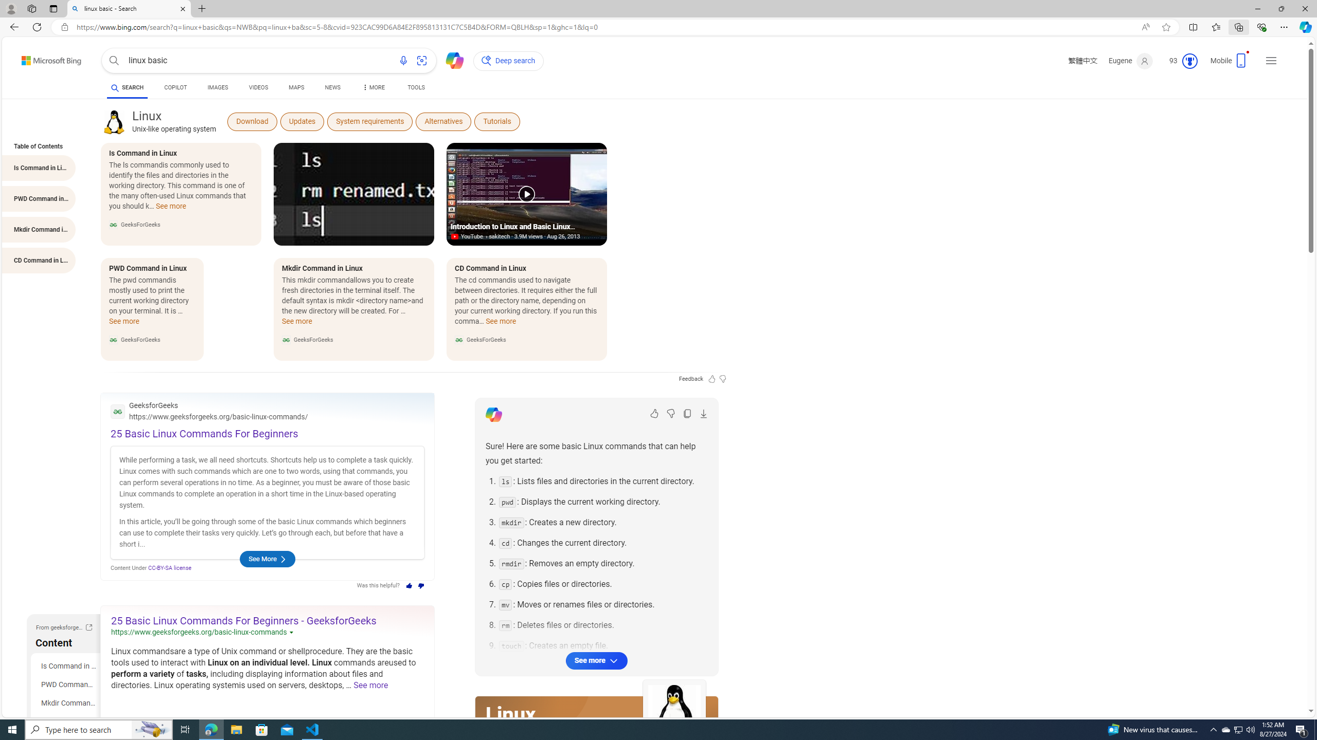 The width and height of the screenshot is (1317, 740). Describe the element at coordinates (369, 121) in the screenshot. I see `'System requirements'` at that location.